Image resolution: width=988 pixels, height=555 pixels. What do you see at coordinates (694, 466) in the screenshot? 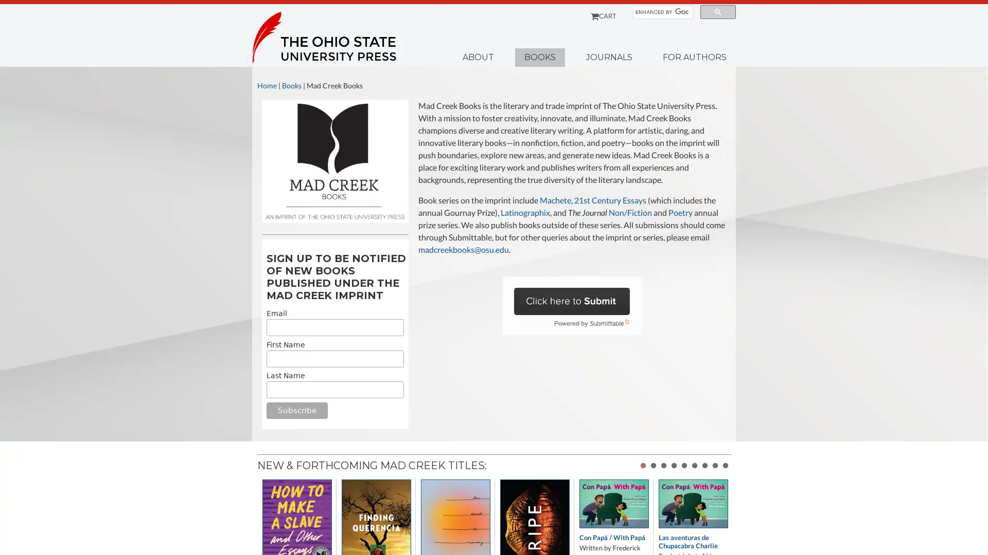
I see `6` at bounding box center [694, 466].